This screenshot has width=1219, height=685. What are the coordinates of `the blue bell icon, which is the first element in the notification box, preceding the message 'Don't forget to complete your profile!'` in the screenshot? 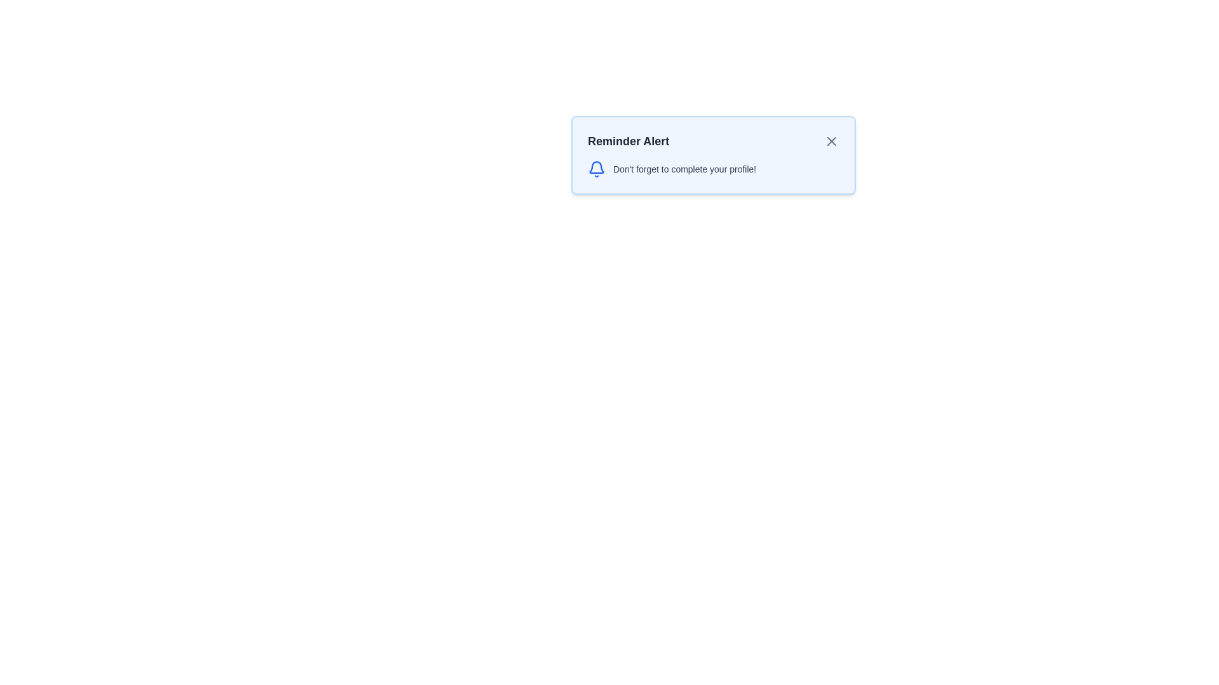 It's located at (596, 168).